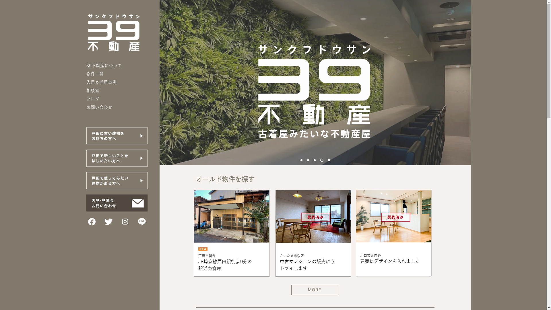 This screenshot has width=551, height=310. Describe the element at coordinates (291, 290) in the screenshot. I see `'MORE'` at that location.